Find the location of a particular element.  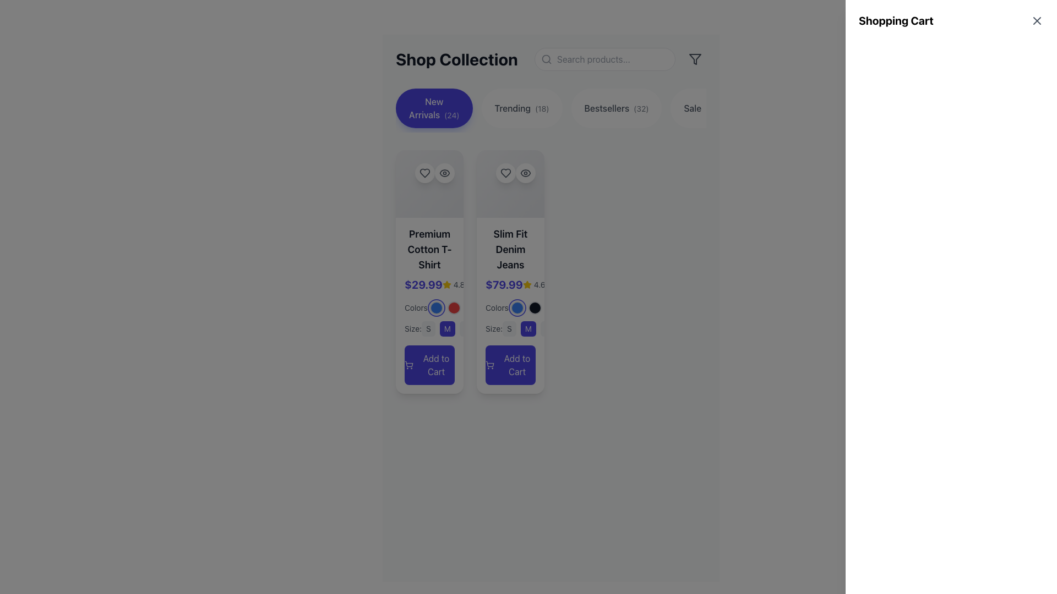

the close button icon located in the top-right corner of the interface near the 'Shopping Cart' title is located at coordinates (1036, 21).